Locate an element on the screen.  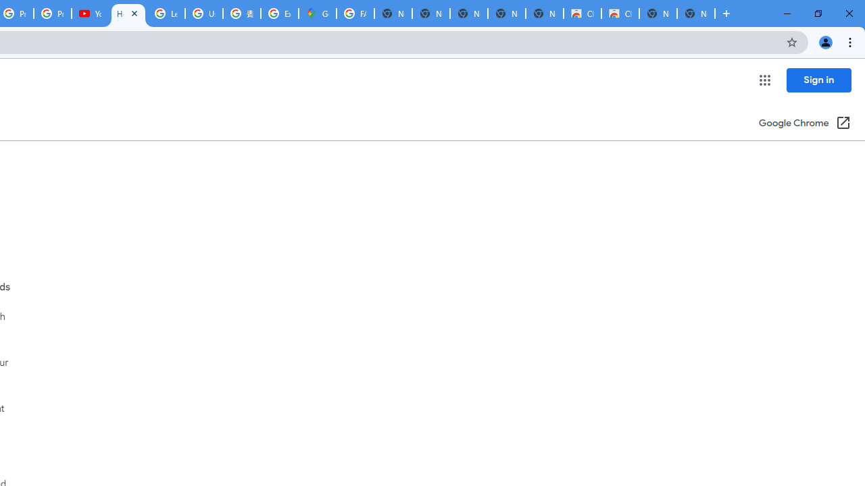
'Classic Blue - Chrome Web Store' is located at coordinates (619, 13).